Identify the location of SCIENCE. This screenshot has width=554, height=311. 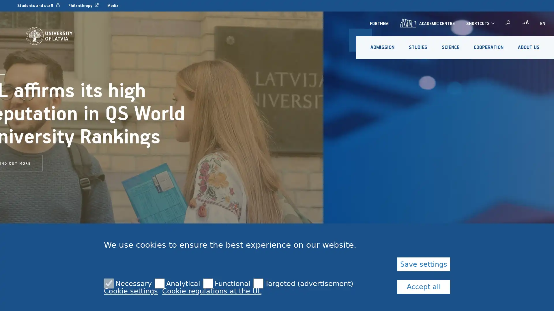
(450, 47).